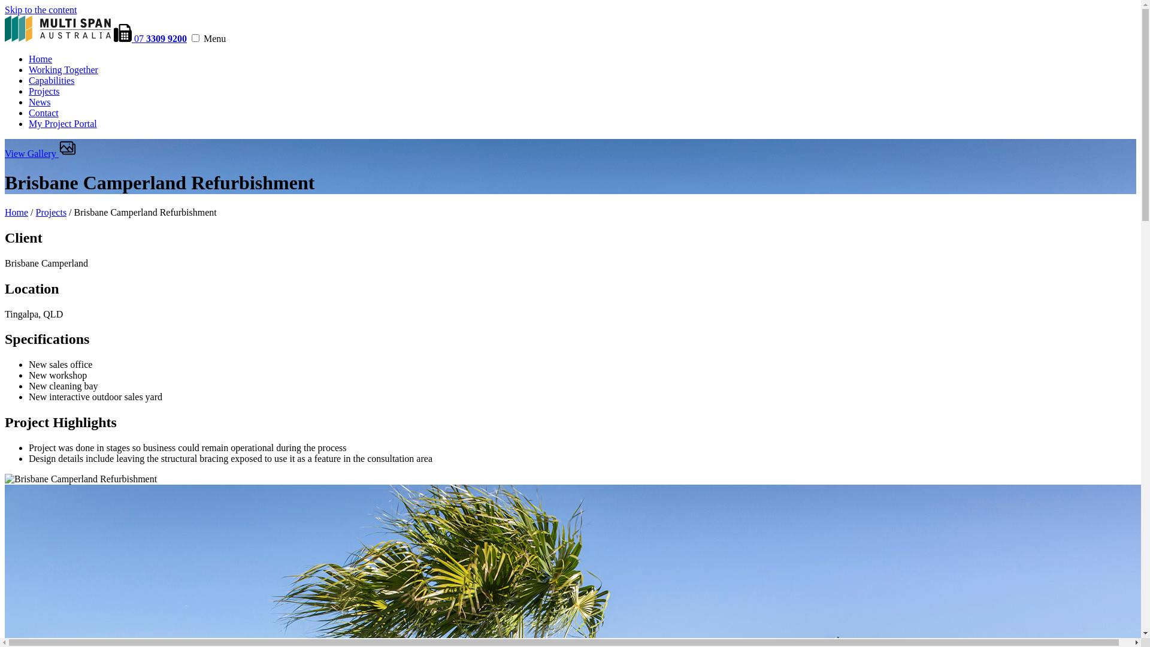  What do you see at coordinates (149, 38) in the screenshot?
I see `'07 3309 9200'` at bounding box center [149, 38].